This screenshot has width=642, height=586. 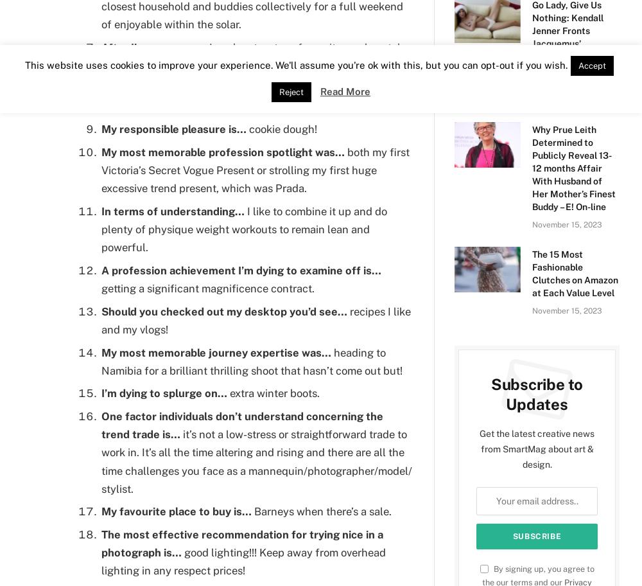 What do you see at coordinates (223, 310) in the screenshot?
I see `'Should you checked out my desktop you’d see…'` at bounding box center [223, 310].